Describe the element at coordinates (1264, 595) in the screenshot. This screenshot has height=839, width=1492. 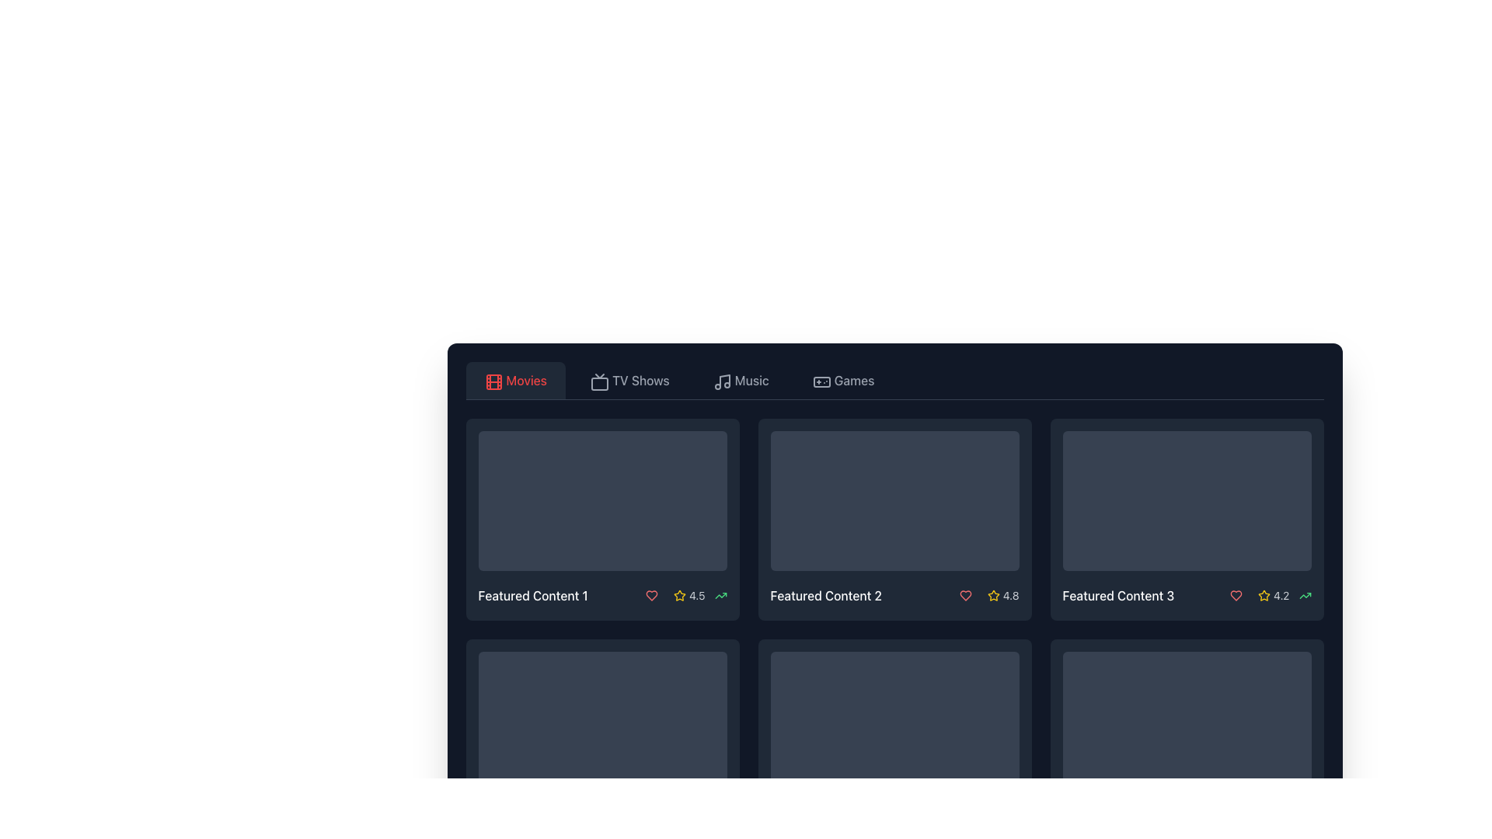
I see `the rating icon located at the bottom section of the 'Featured Content 3' card, adjacent to the numerical rating '4.2'` at that location.